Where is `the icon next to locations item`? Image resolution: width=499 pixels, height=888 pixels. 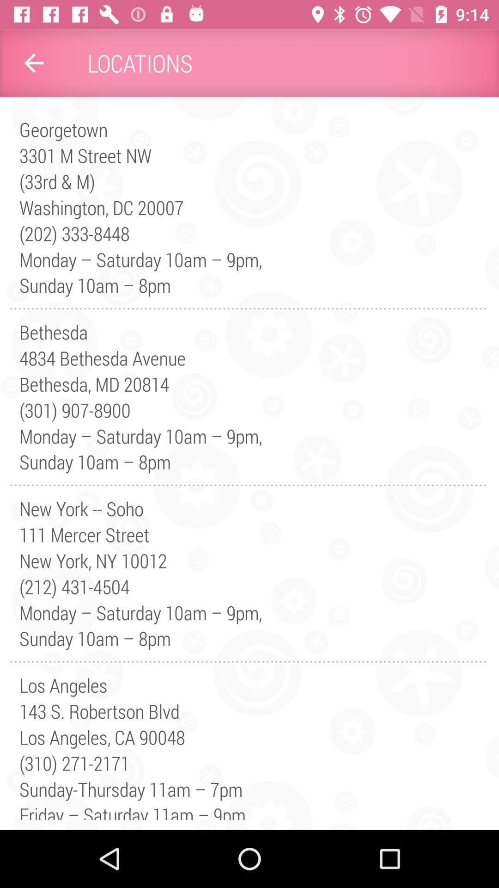 the icon next to locations item is located at coordinates (33, 62).